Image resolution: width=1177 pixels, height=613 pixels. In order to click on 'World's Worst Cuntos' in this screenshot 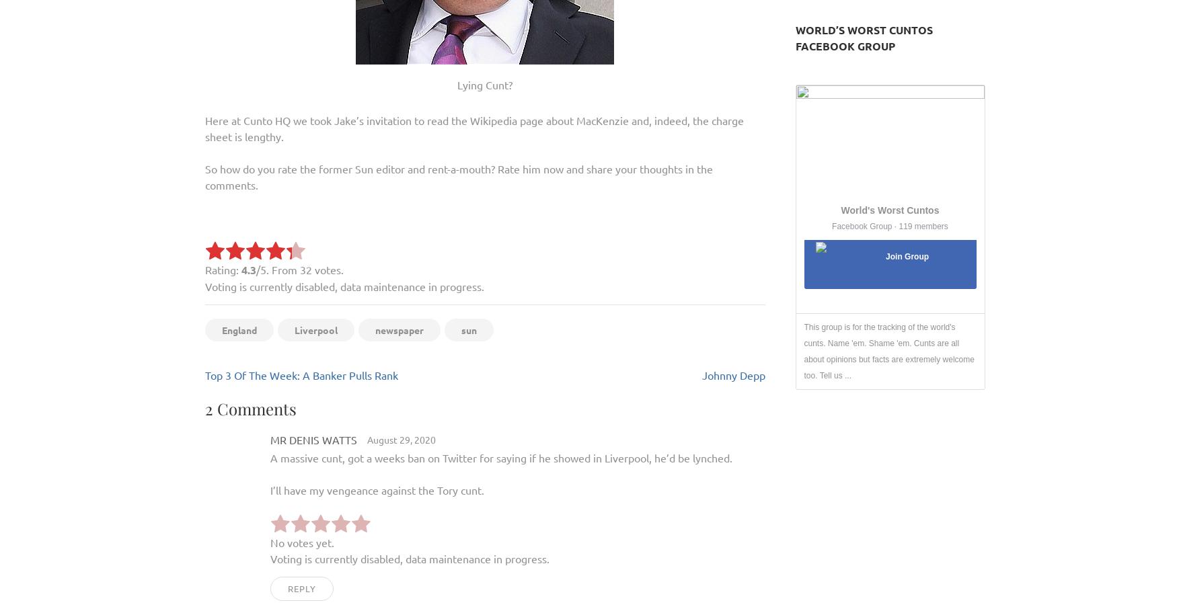, I will do `click(890, 210)`.